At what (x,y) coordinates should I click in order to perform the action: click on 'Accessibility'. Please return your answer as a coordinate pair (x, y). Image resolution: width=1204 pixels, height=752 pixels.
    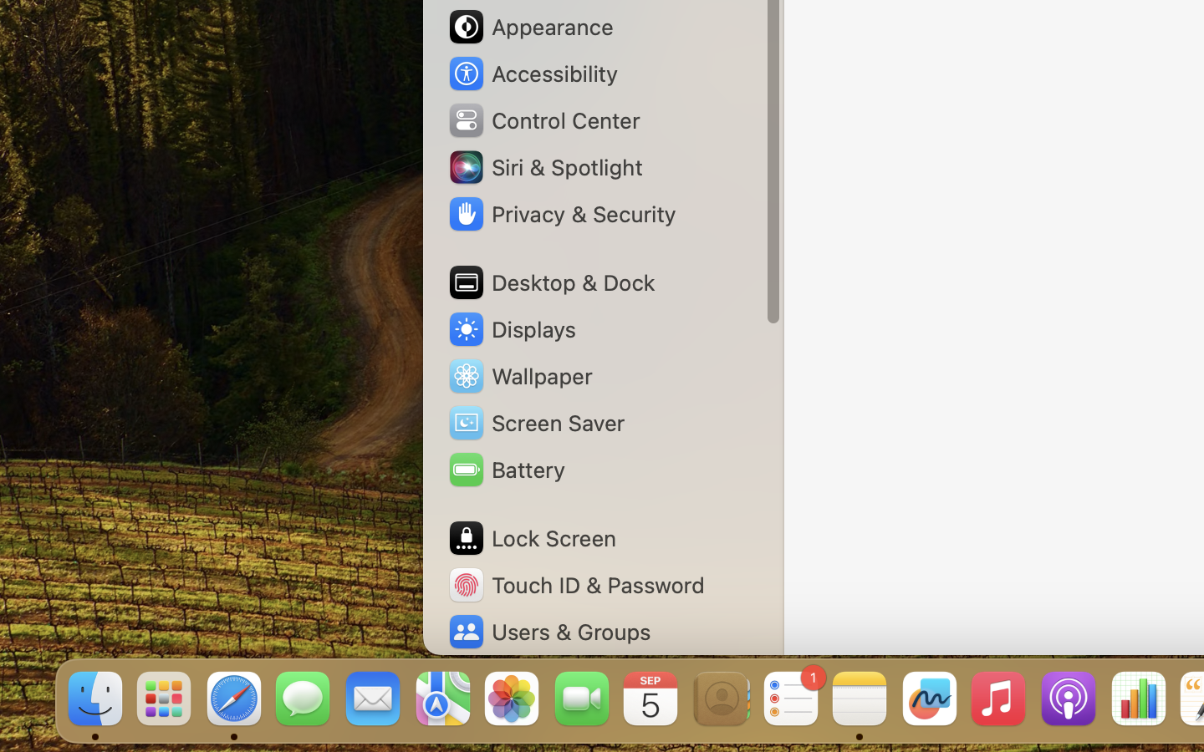
    Looking at the image, I should click on (532, 73).